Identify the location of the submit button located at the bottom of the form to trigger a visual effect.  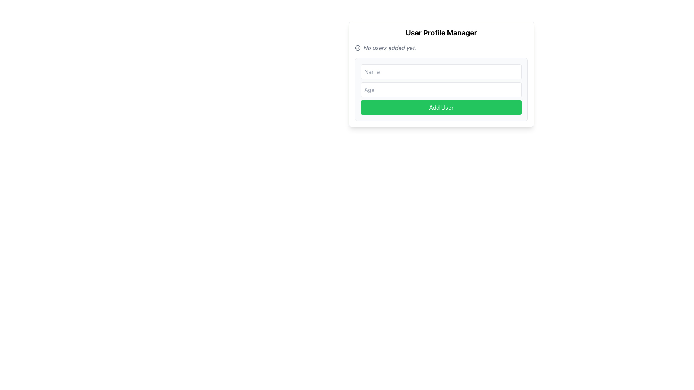
(441, 107).